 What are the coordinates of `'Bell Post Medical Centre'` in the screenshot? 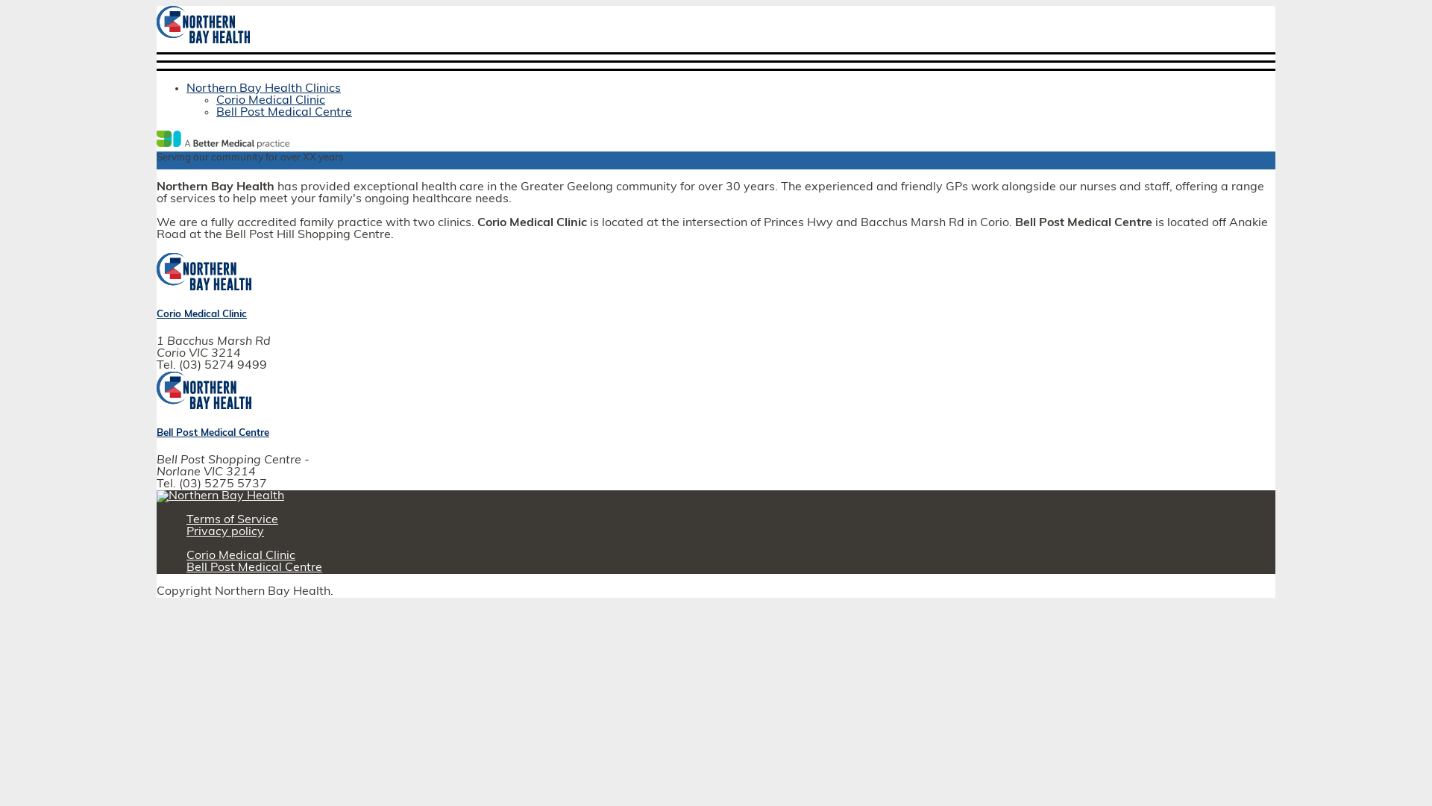 It's located at (283, 111).